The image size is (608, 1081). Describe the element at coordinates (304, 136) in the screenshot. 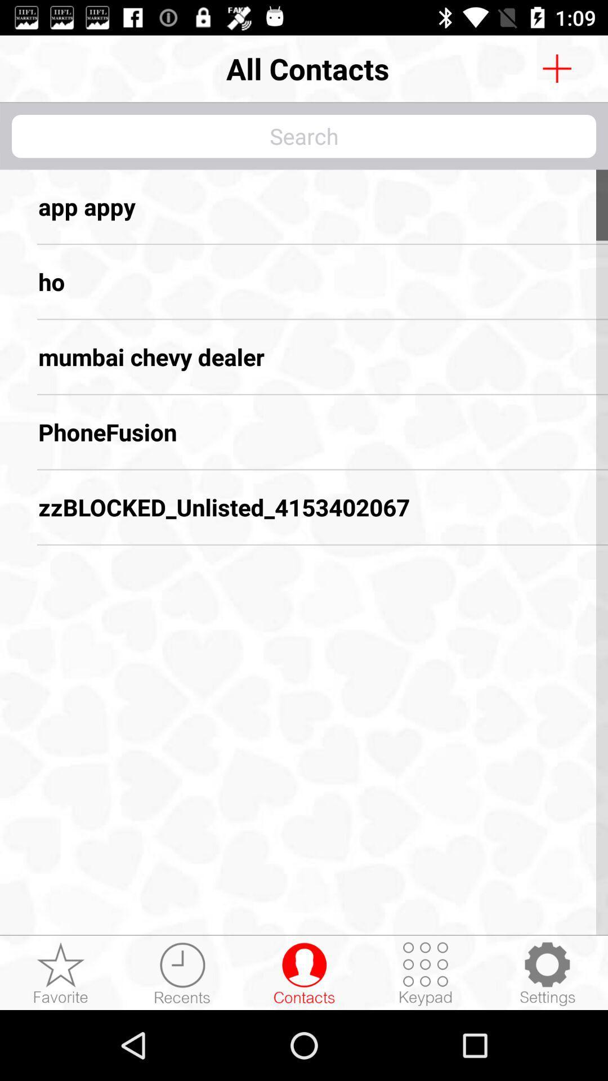

I see `words and search` at that location.